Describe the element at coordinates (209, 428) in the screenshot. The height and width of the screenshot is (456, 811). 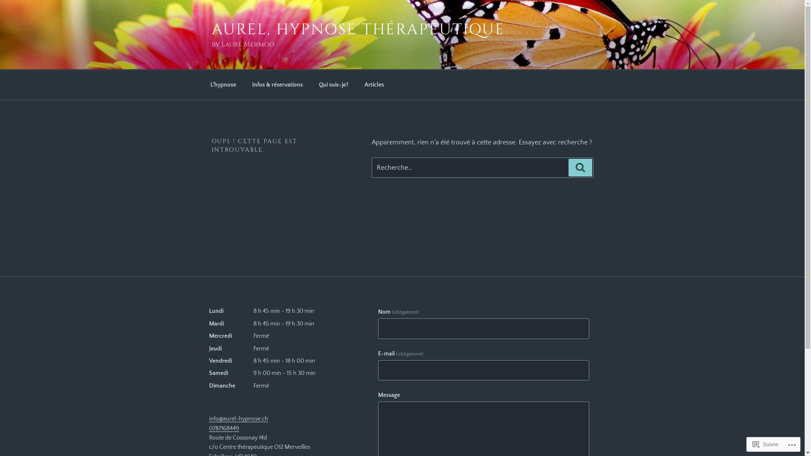
I see `'0787168449'` at that location.